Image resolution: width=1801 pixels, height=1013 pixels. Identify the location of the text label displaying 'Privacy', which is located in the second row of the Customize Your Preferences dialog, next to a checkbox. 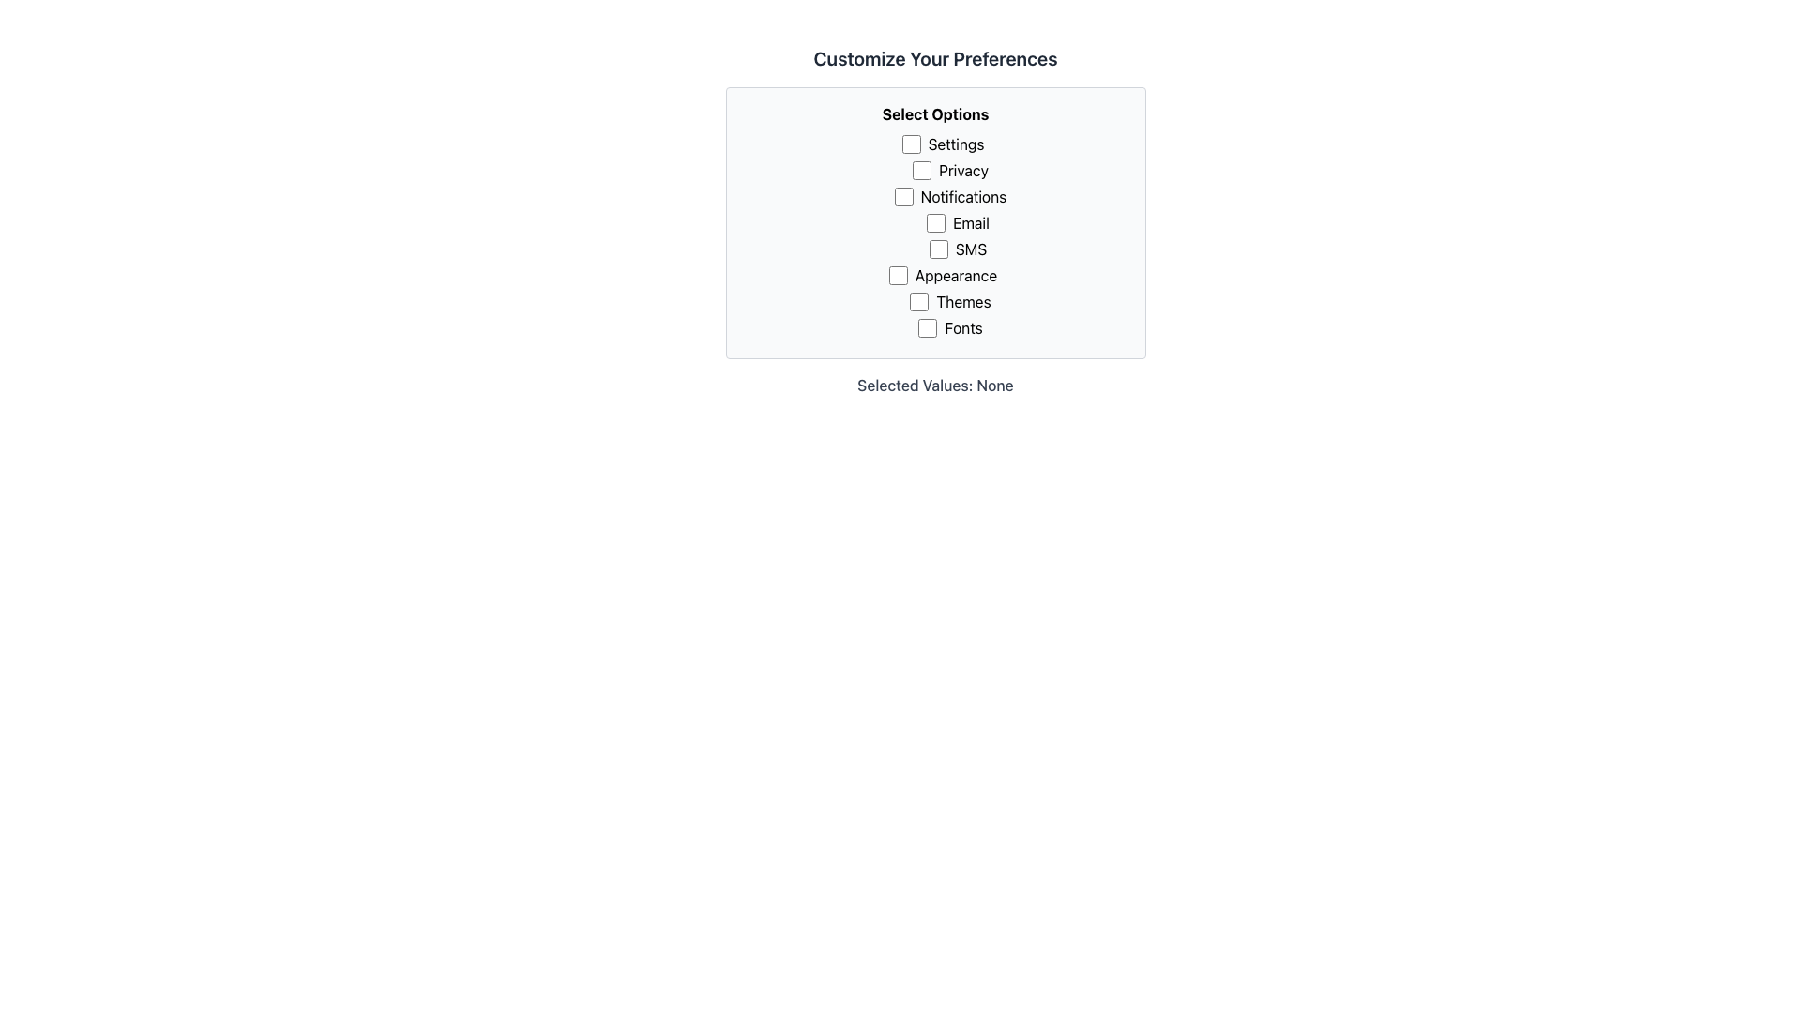
(950, 170).